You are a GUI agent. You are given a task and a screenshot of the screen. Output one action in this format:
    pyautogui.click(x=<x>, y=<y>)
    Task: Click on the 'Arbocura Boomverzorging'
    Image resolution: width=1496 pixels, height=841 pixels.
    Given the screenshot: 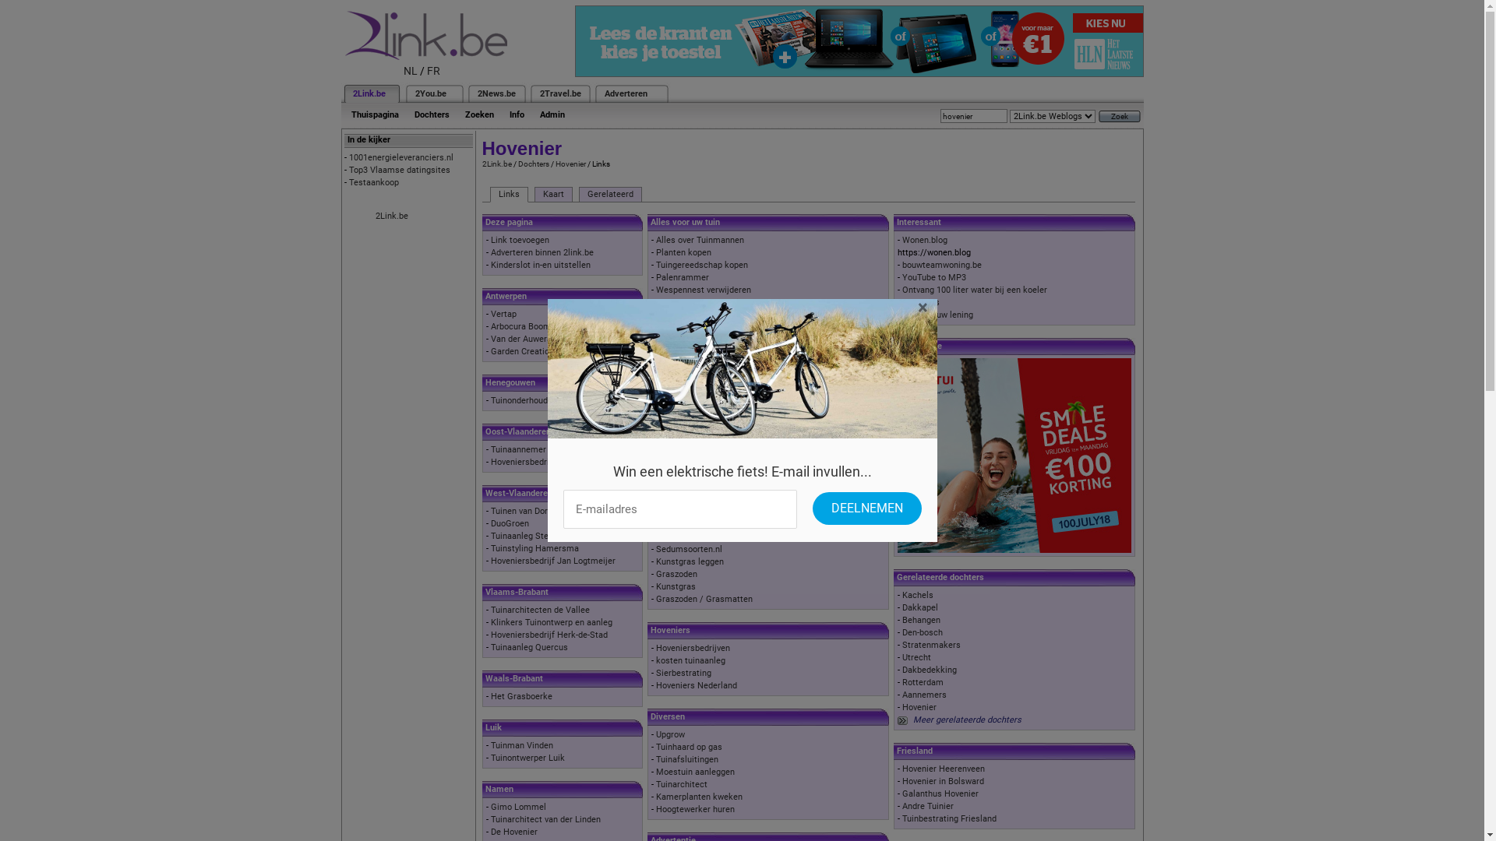 What is the action you would take?
    pyautogui.click(x=541, y=325)
    